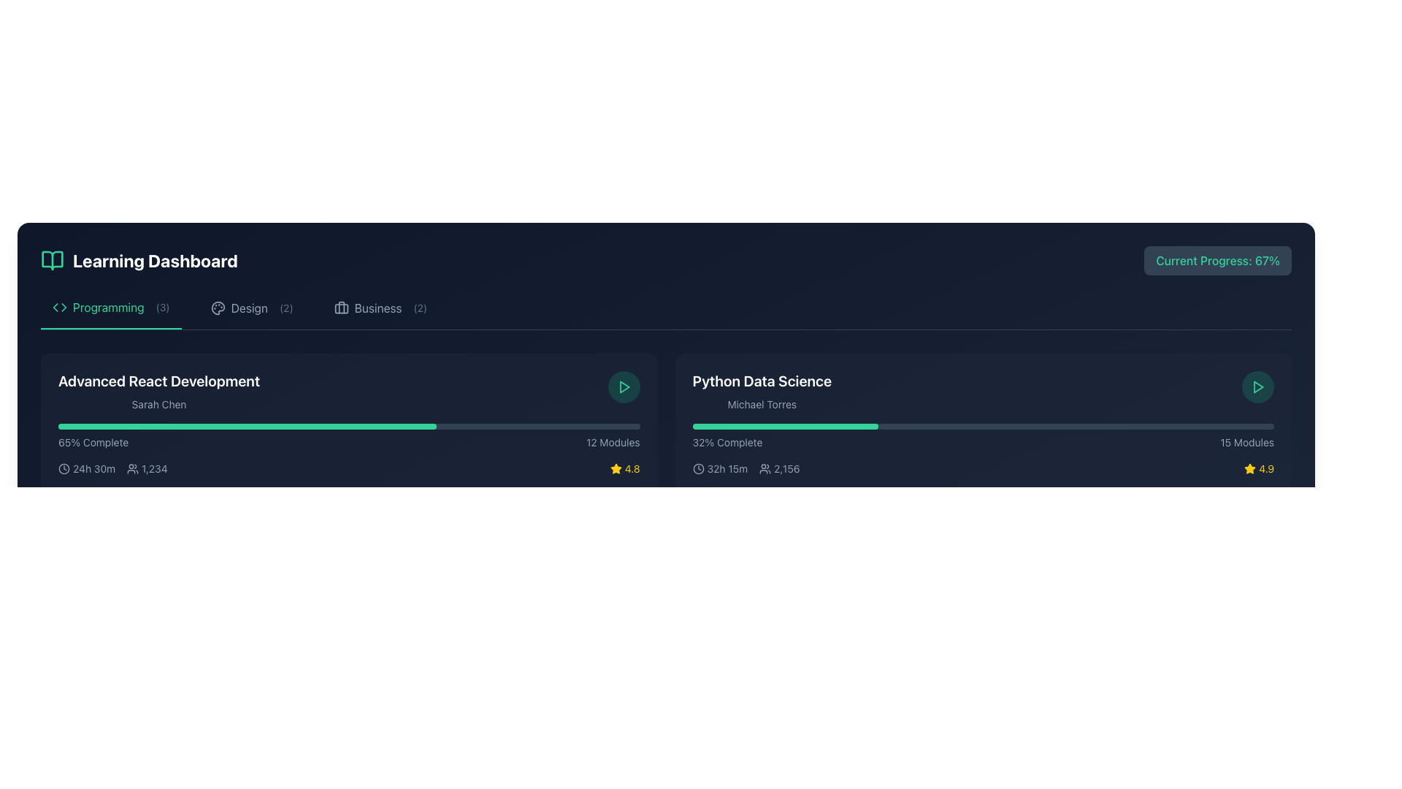  Describe the element at coordinates (1218, 260) in the screenshot. I see `the Static Text Label that indicates a completion percentage for a task, located in the upper-right corner of the interface` at that location.